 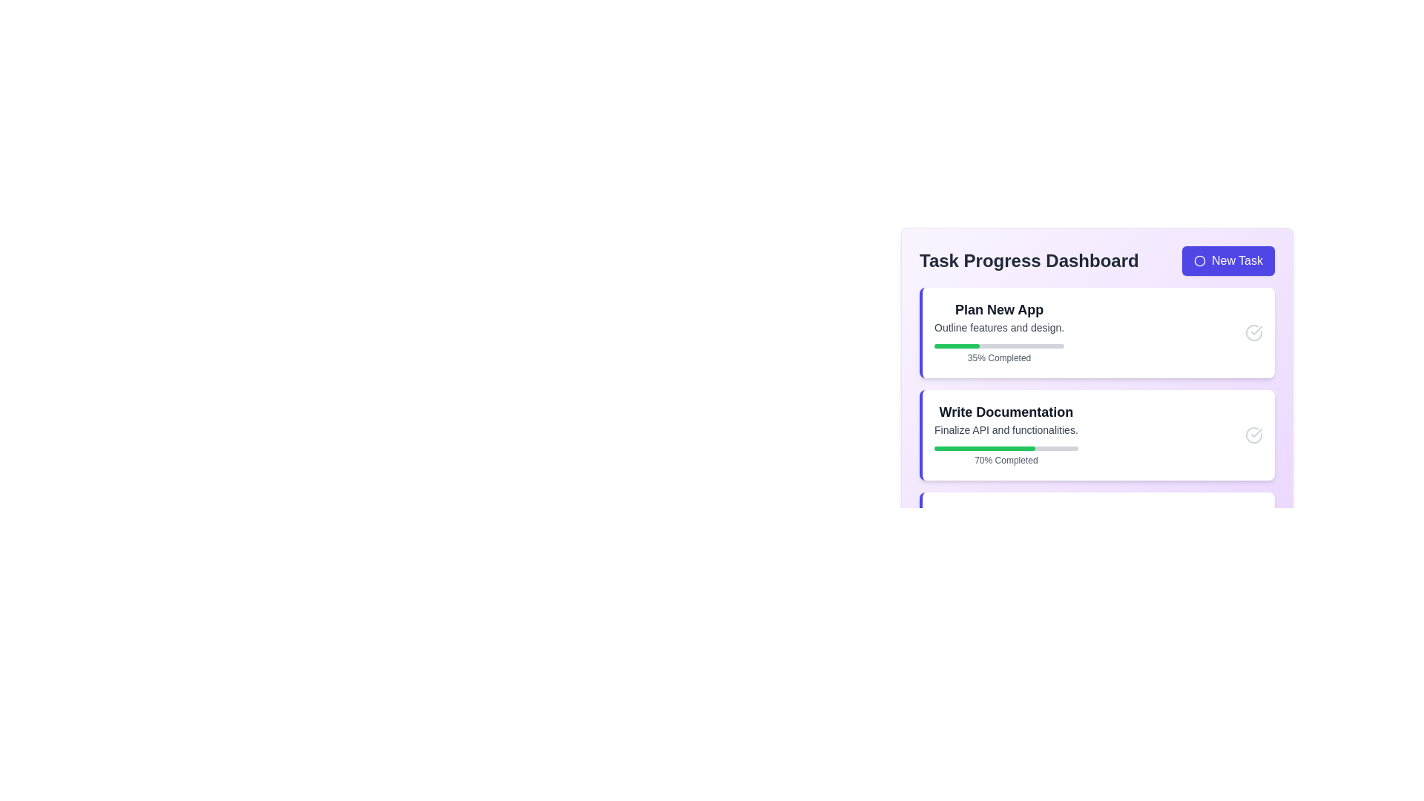 I want to click on the circular decorative element which is part of the 'New Task' button located in the top-right area of the 'Task Progress Dashboard.', so click(x=1199, y=260).